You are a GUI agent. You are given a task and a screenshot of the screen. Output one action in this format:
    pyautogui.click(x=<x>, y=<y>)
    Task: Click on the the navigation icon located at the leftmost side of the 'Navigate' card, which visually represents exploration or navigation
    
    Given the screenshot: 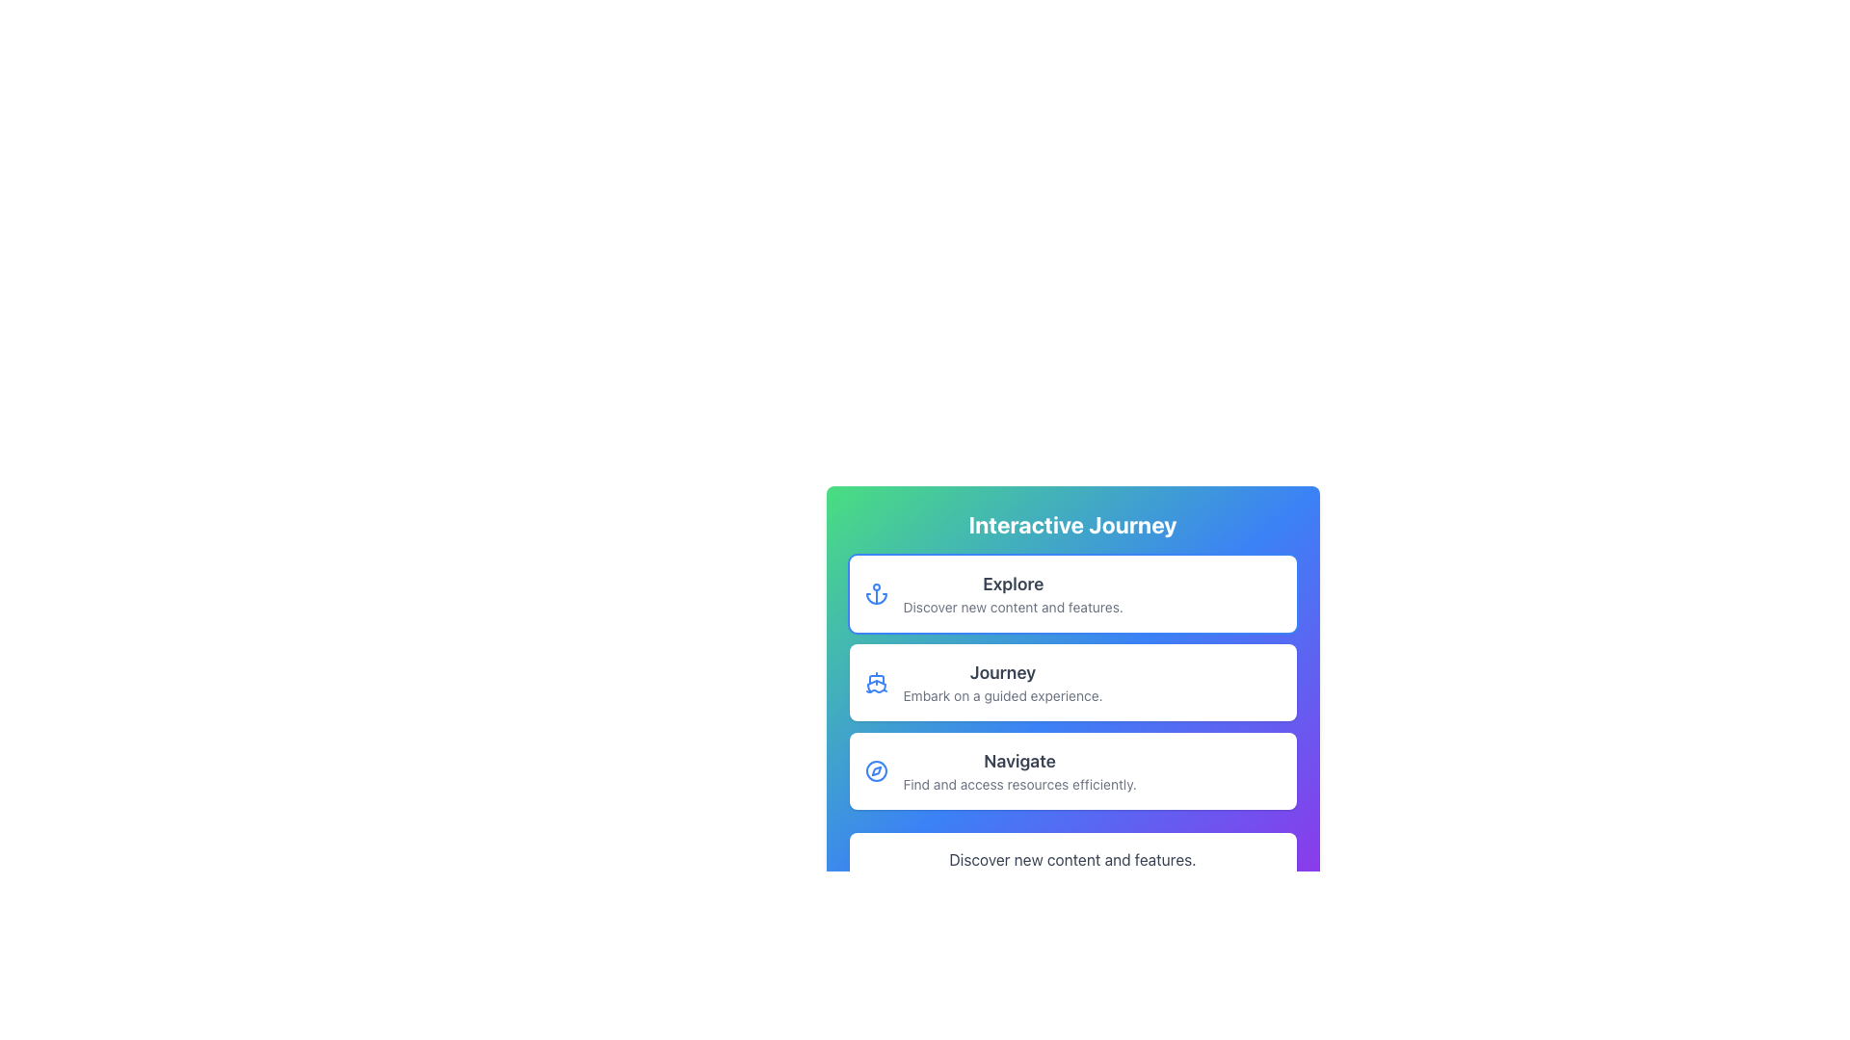 What is the action you would take?
    pyautogui.click(x=875, y=770)
    